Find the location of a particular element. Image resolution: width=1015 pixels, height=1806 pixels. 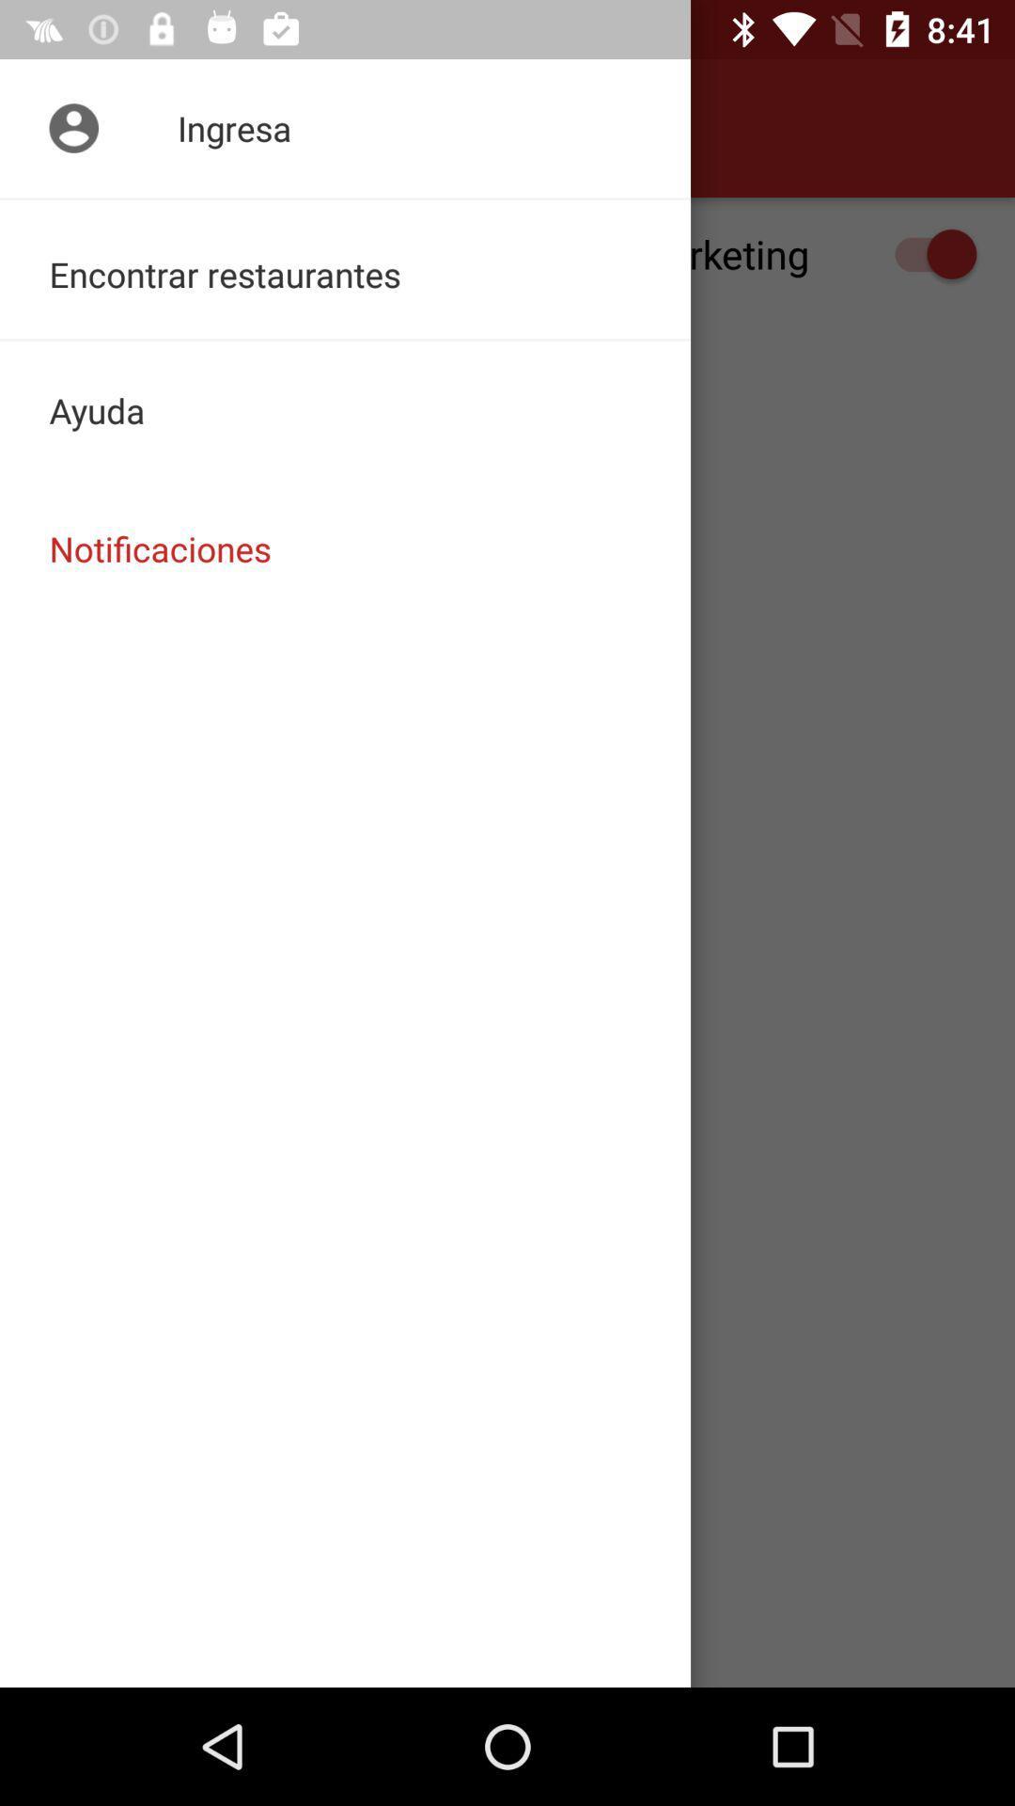

item to the left of the notificationes is located at coordinates (68, 127).